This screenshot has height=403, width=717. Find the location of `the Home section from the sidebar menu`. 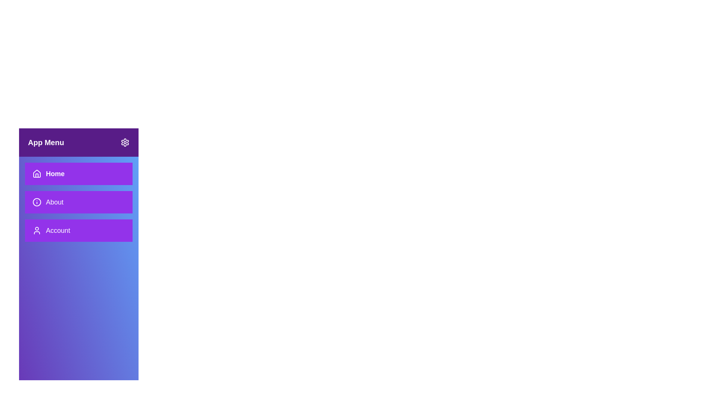

the Home section from the sidebar menu is located at coordinates (79, 174).